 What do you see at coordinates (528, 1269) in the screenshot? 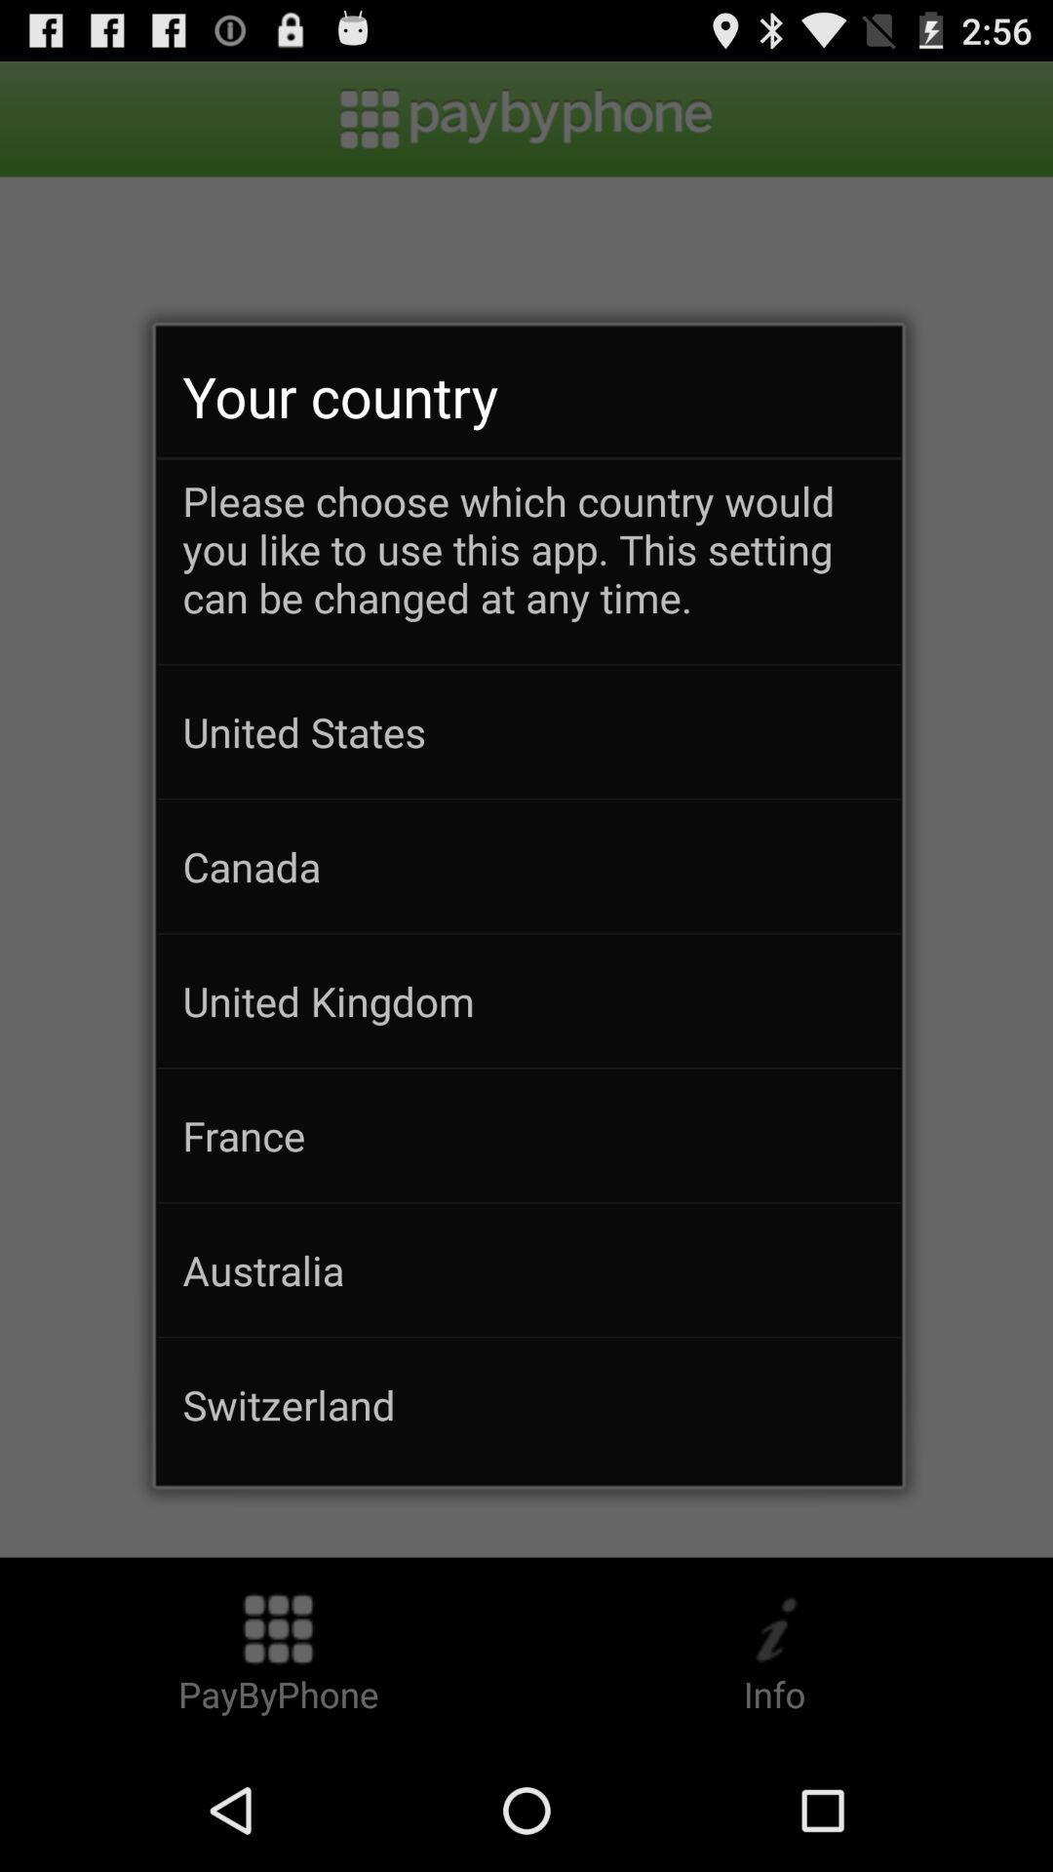
I see `australia item` at bounding box center [528, 1269].